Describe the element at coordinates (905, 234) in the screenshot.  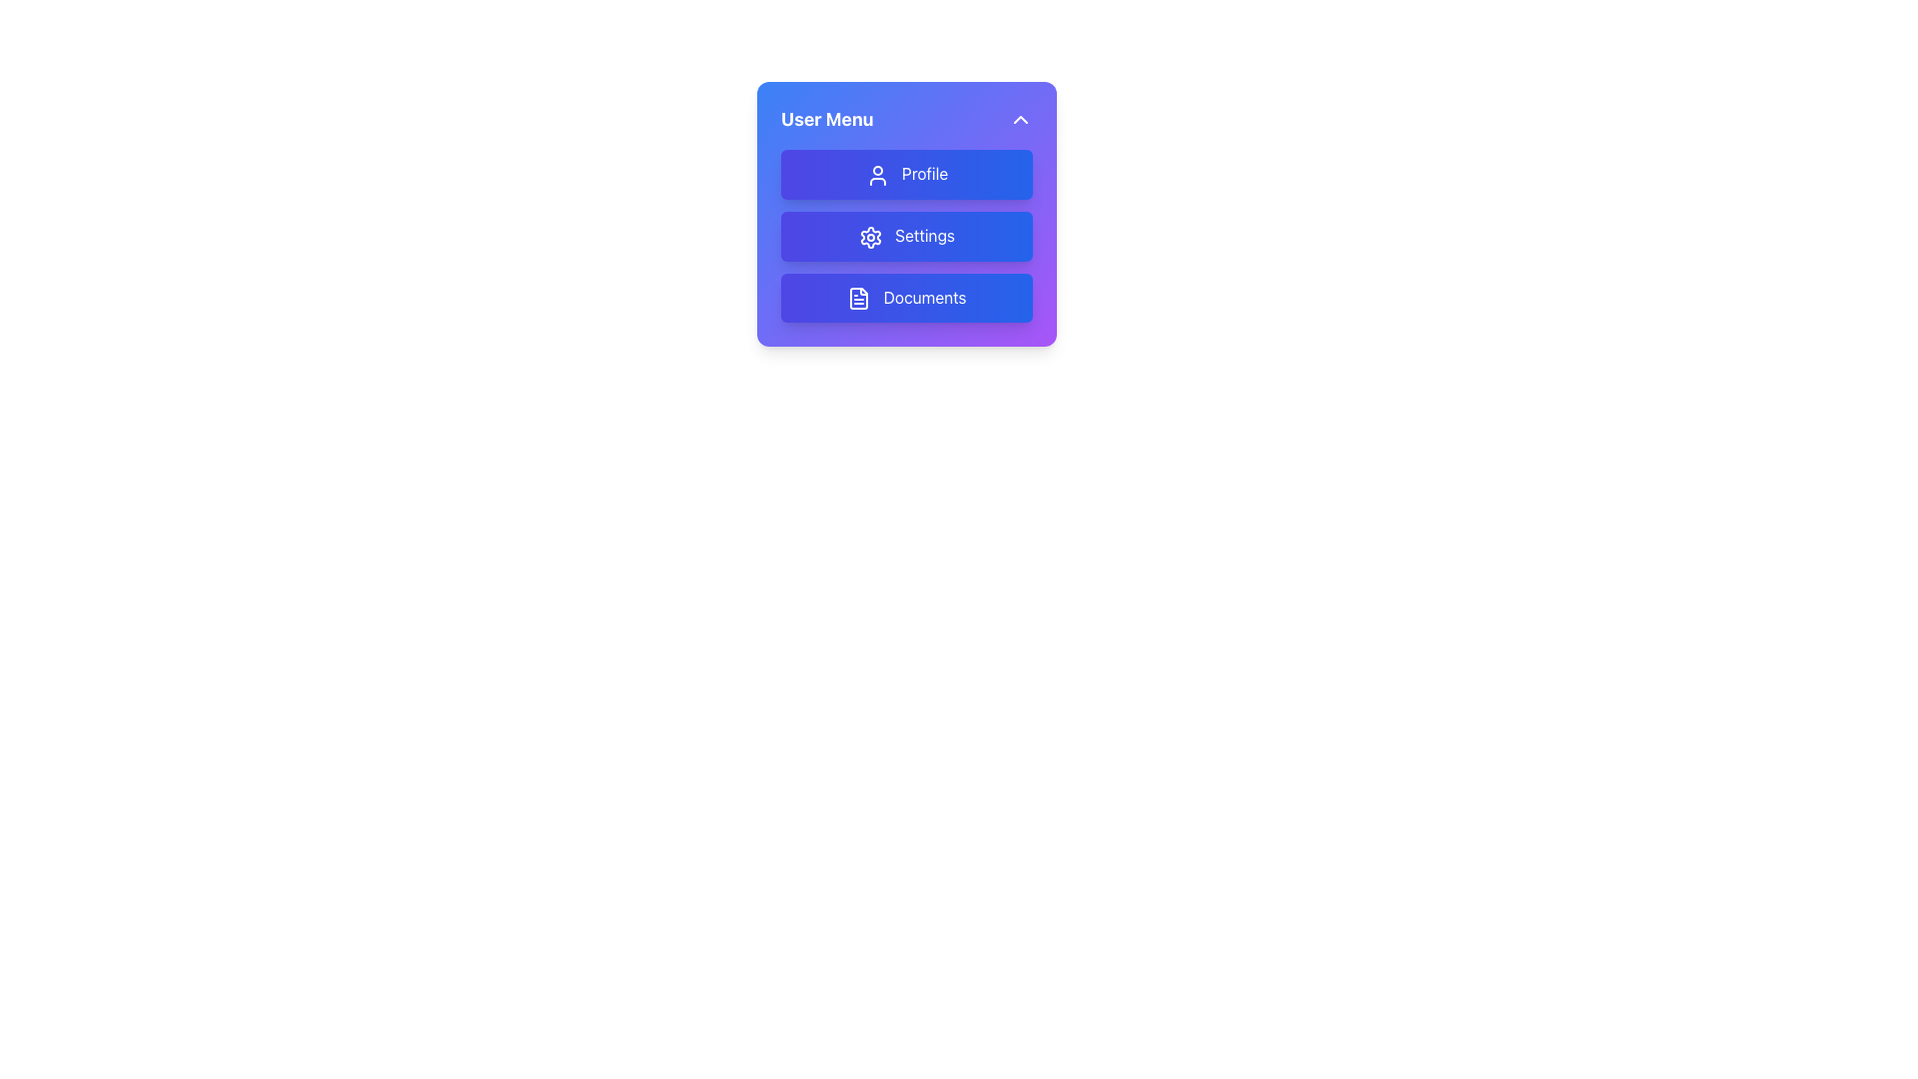
I see `the 'Settings' button, which is a rectangular button with rounded corners, contains a gear icon on the left and the text 'Settings' on the right, located in the 'User Menu' below the 'Profile' button` at that location.